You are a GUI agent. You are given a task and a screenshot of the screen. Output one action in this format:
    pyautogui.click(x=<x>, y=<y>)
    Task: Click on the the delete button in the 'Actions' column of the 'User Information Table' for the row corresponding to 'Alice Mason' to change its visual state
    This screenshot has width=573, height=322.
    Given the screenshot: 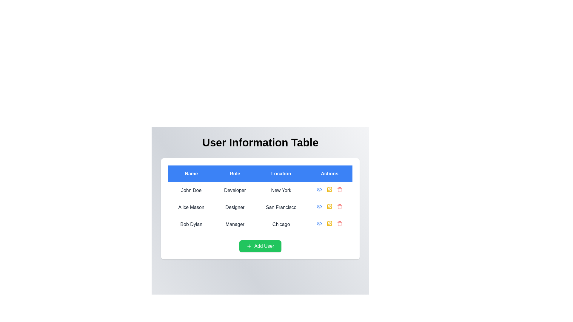 What is the action you would take?
    pyautogui.click(x=340, y=206)
    